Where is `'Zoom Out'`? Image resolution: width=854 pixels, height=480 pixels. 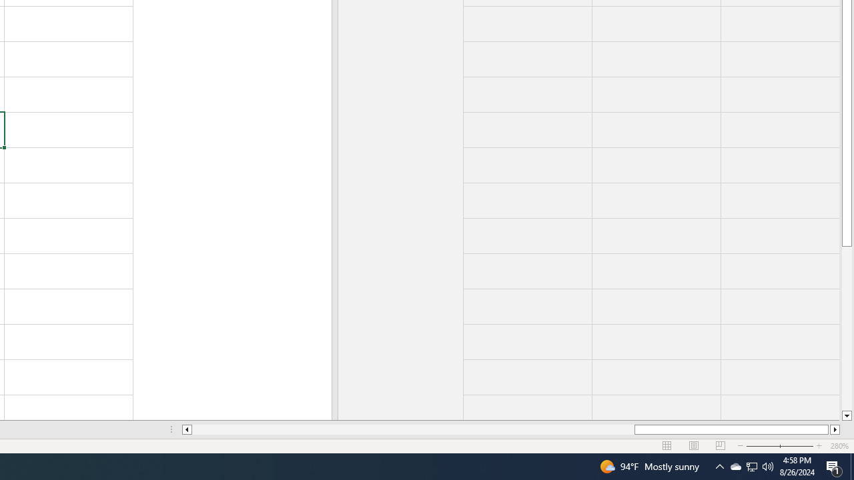 'Zoom Out' is located at coordinates (772, 446).